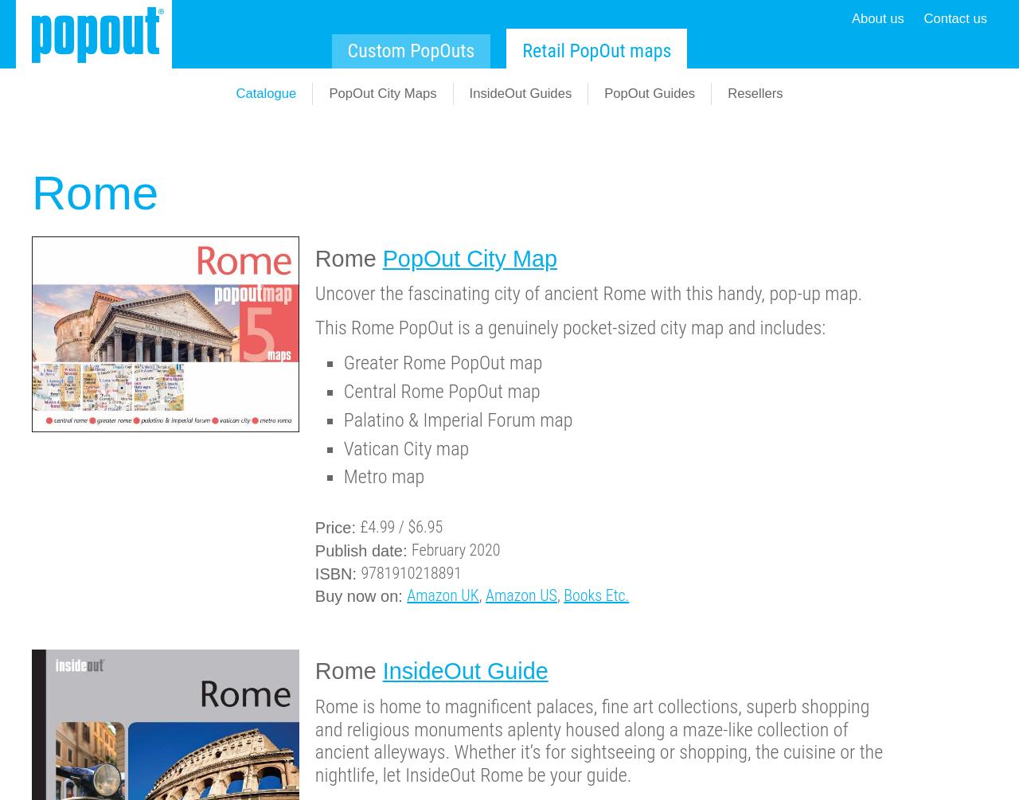 Image resolution: width=1019 pixels, height=800 pixels. I want to click on 'Resellers', so click(754, 92).